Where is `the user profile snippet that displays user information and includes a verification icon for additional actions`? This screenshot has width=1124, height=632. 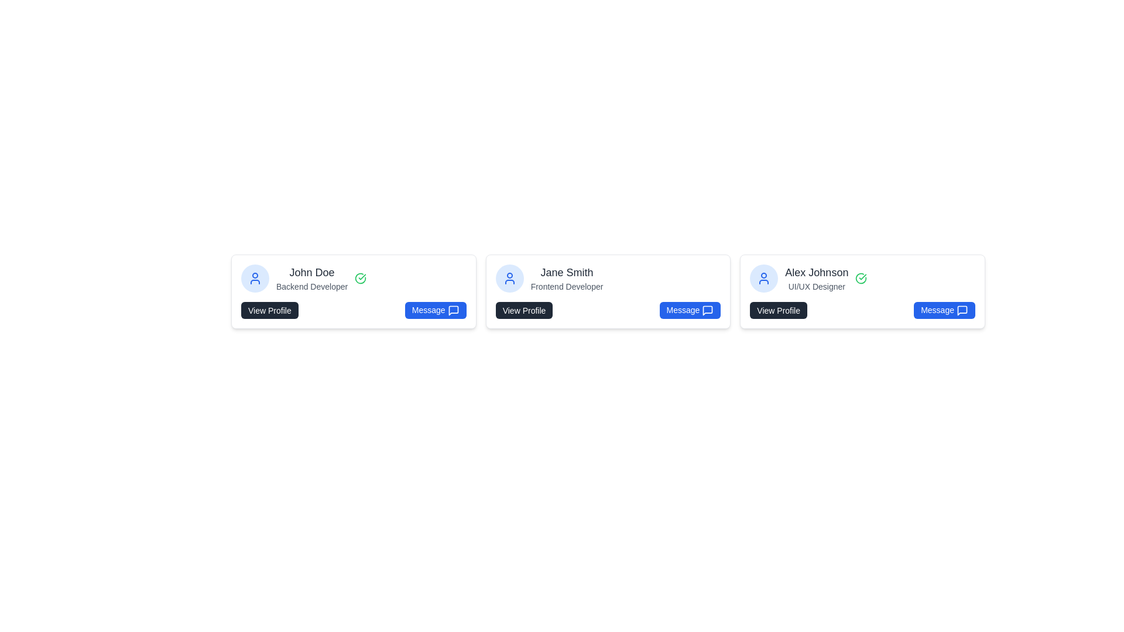
the user profile snippet that displays user information and includes a verification icon for additional actions is located at coordinates (353, 278).